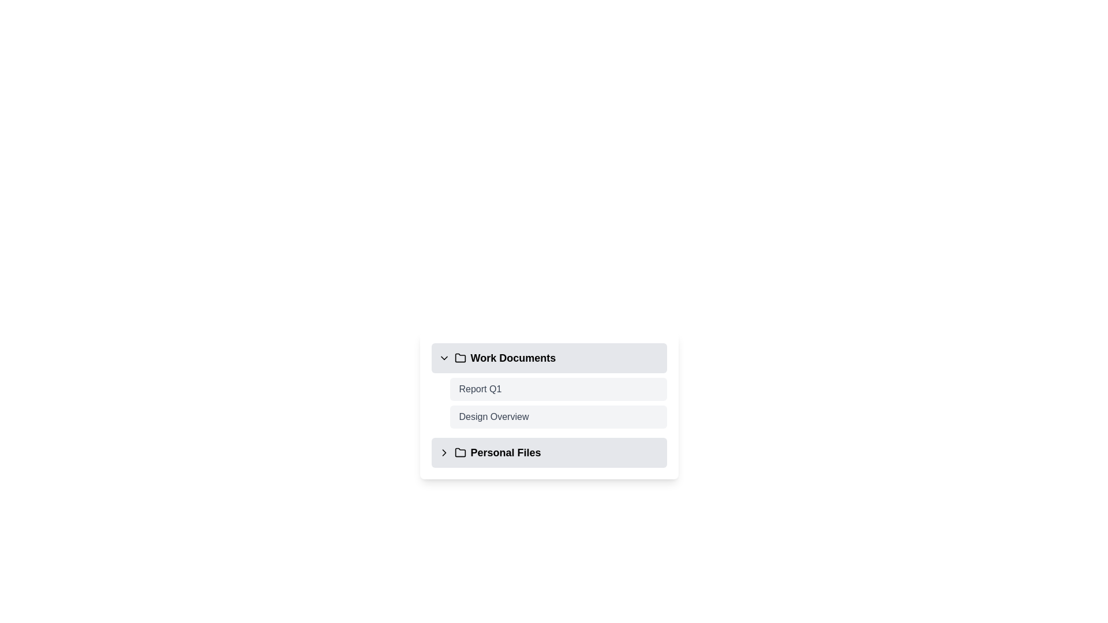 This screenshot has height=623, width=1108. What do you see at coordinates (512, 358) in the screenshot?
I see `the 'Work Documents' text label` at bounding box center [512, 358].